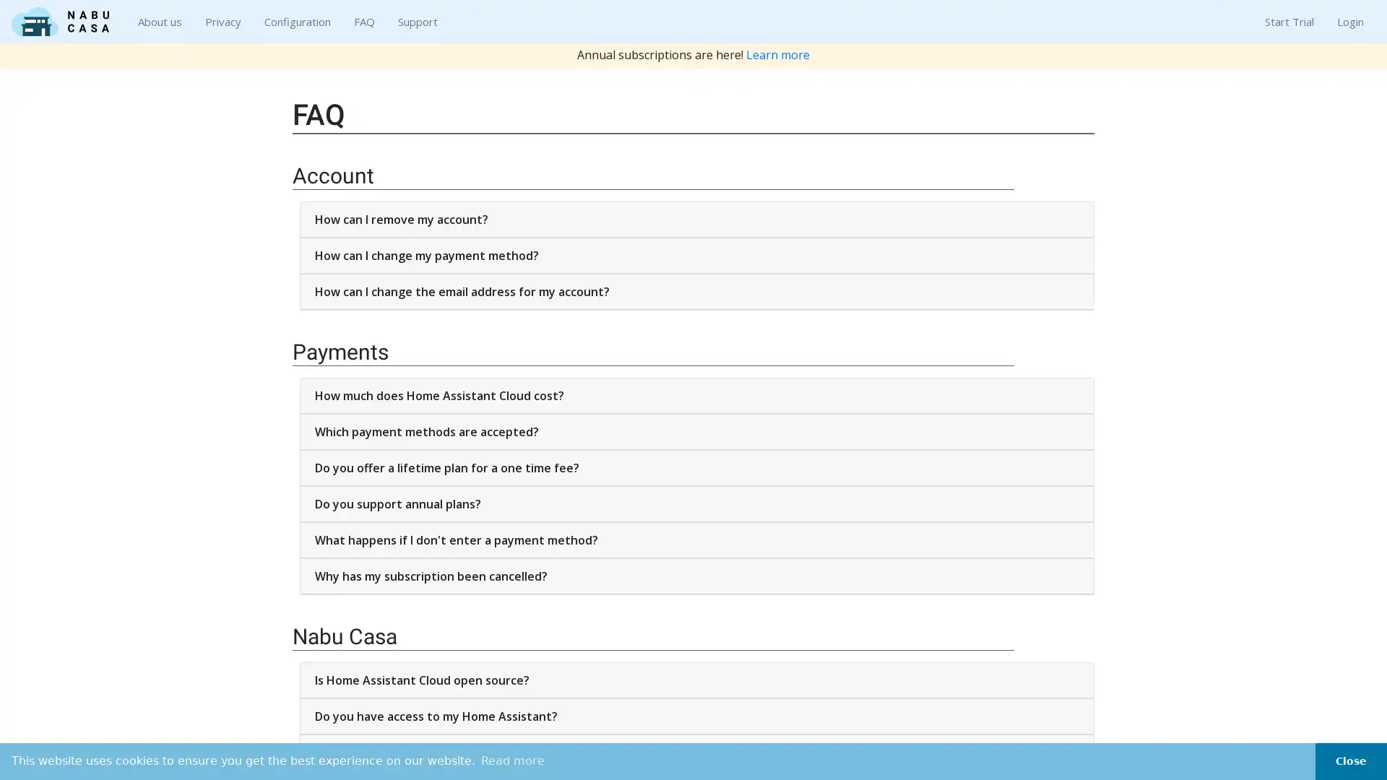 The image size is (1387, 780). What do you see at coordinates (696, 468) in the screenshot?
I see `Do you offer a lifetime plan for a one time fee?` at bounding box center [696, 468].